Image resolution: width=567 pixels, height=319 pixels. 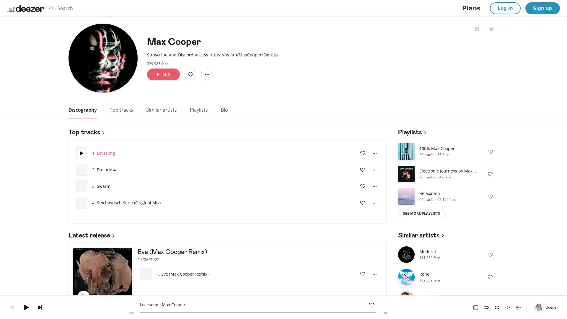 What do you see at coordinates (377, 8) in the screenshot?
I see `Clear` at bounding box center [377, 8].